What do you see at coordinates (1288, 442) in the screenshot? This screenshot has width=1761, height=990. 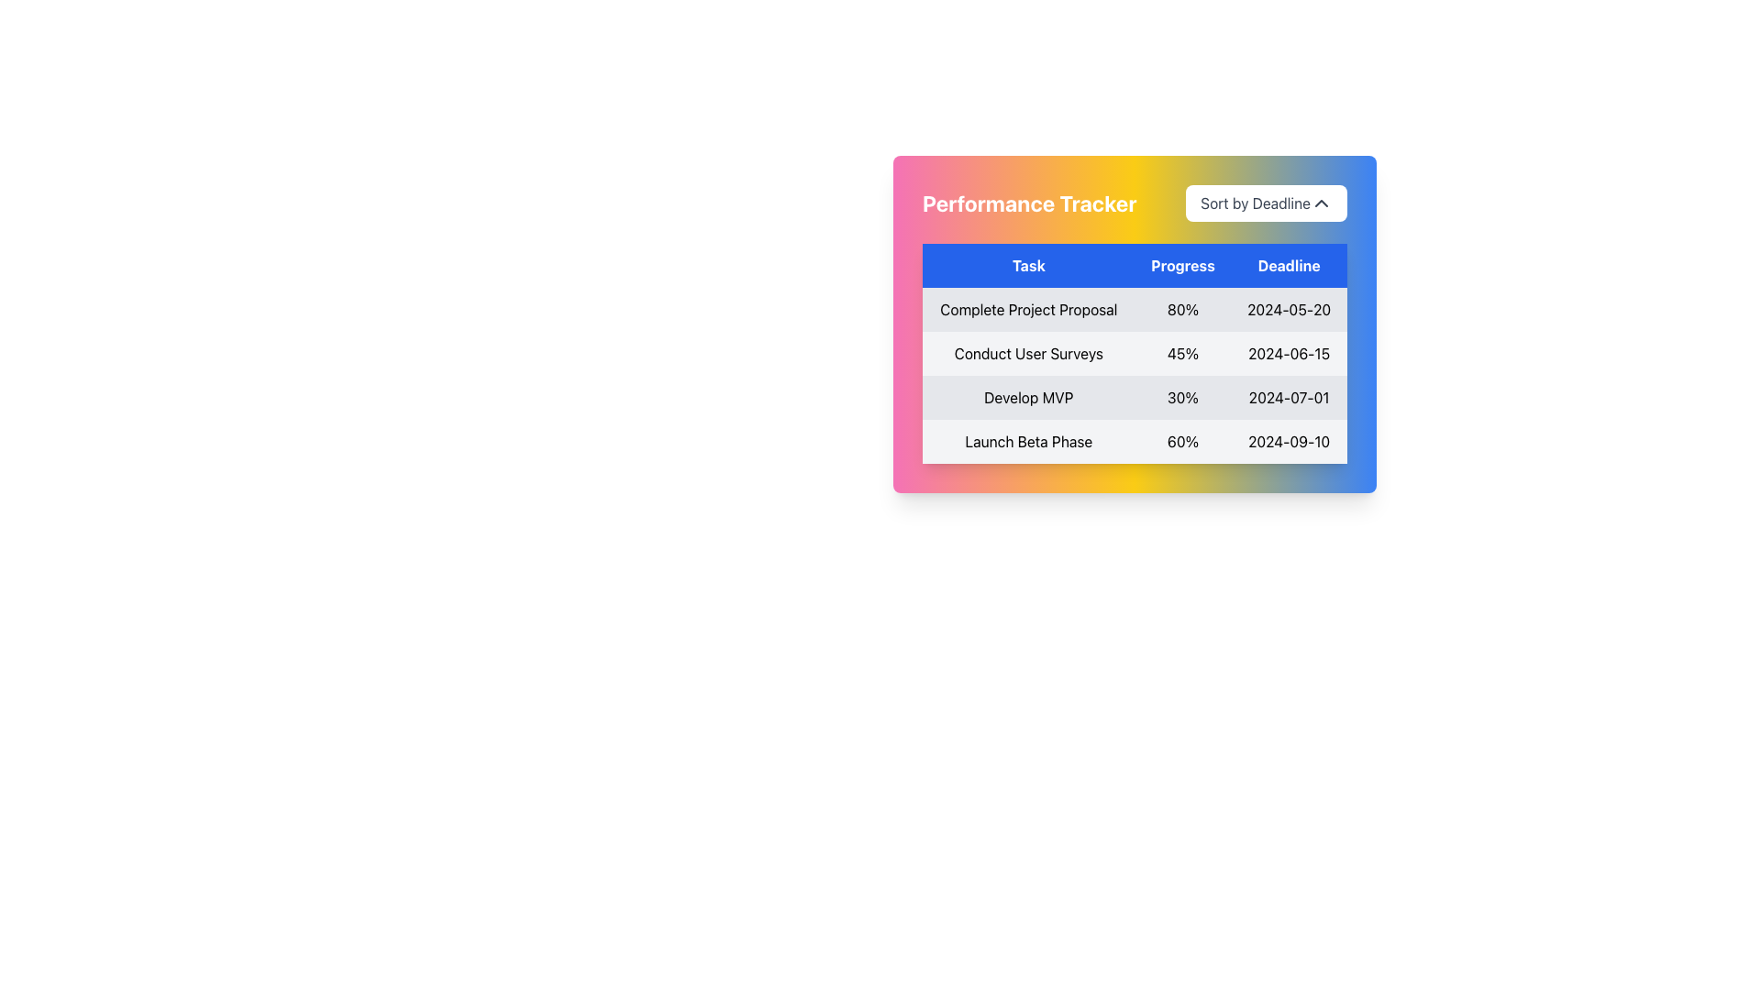 I see `the text label displaying the date '2024-09-10' in the 'Deadline' column of the last row of the 'Performance Tracker' table, which is associated with the task 'Launch Beta Phase'` at bounding box center [1288, 442].